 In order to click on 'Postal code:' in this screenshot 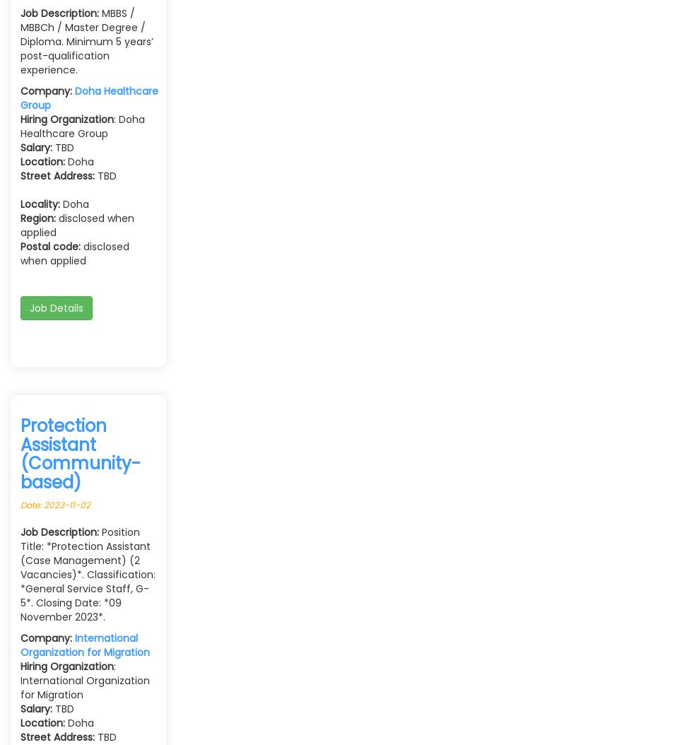, I will do `click(50, 246)`.